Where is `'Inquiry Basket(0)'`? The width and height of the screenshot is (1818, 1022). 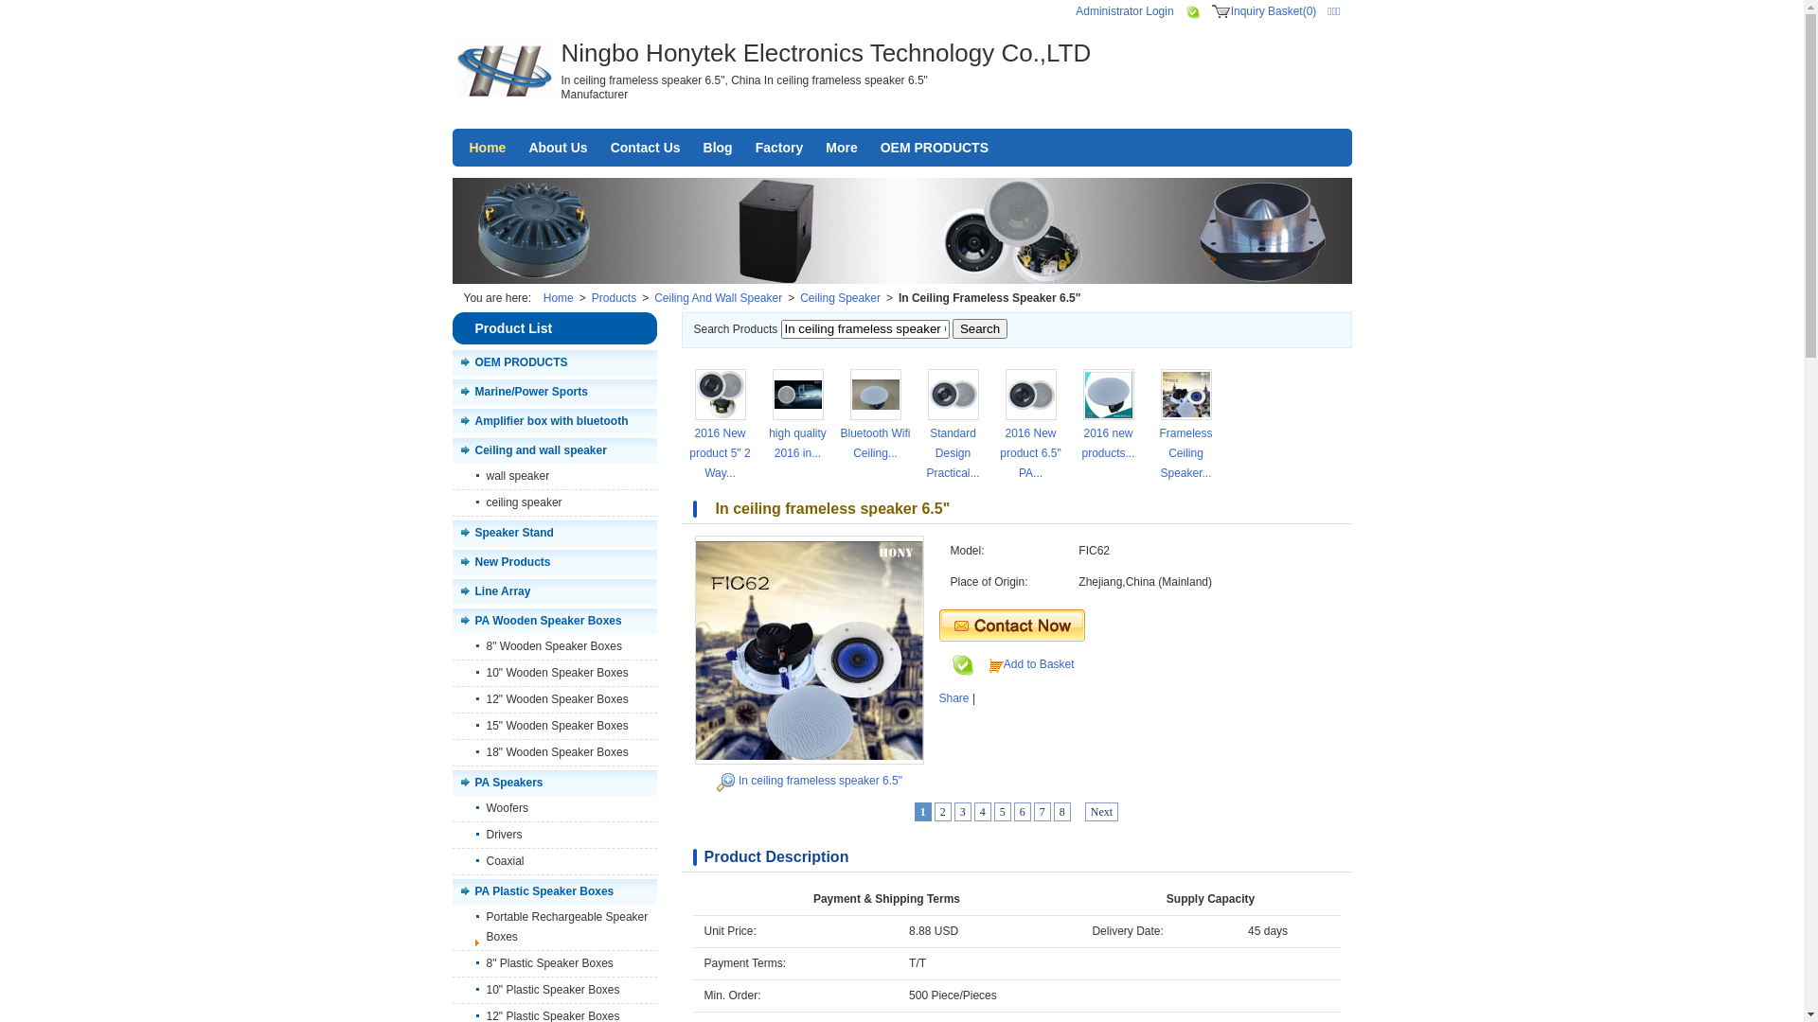
'Inquiry Basket(0)' is located at coordinates (1274, 10).